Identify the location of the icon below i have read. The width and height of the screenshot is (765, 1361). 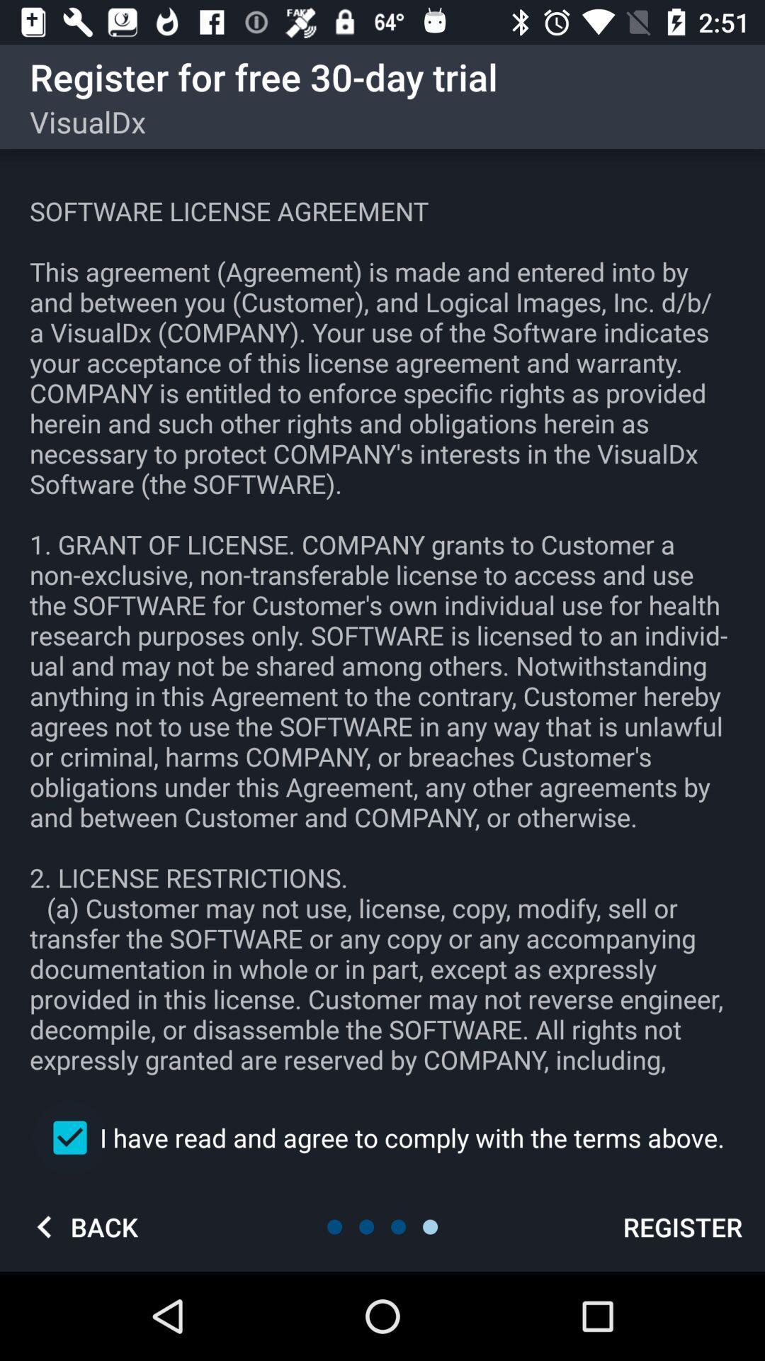
(81, 1226).